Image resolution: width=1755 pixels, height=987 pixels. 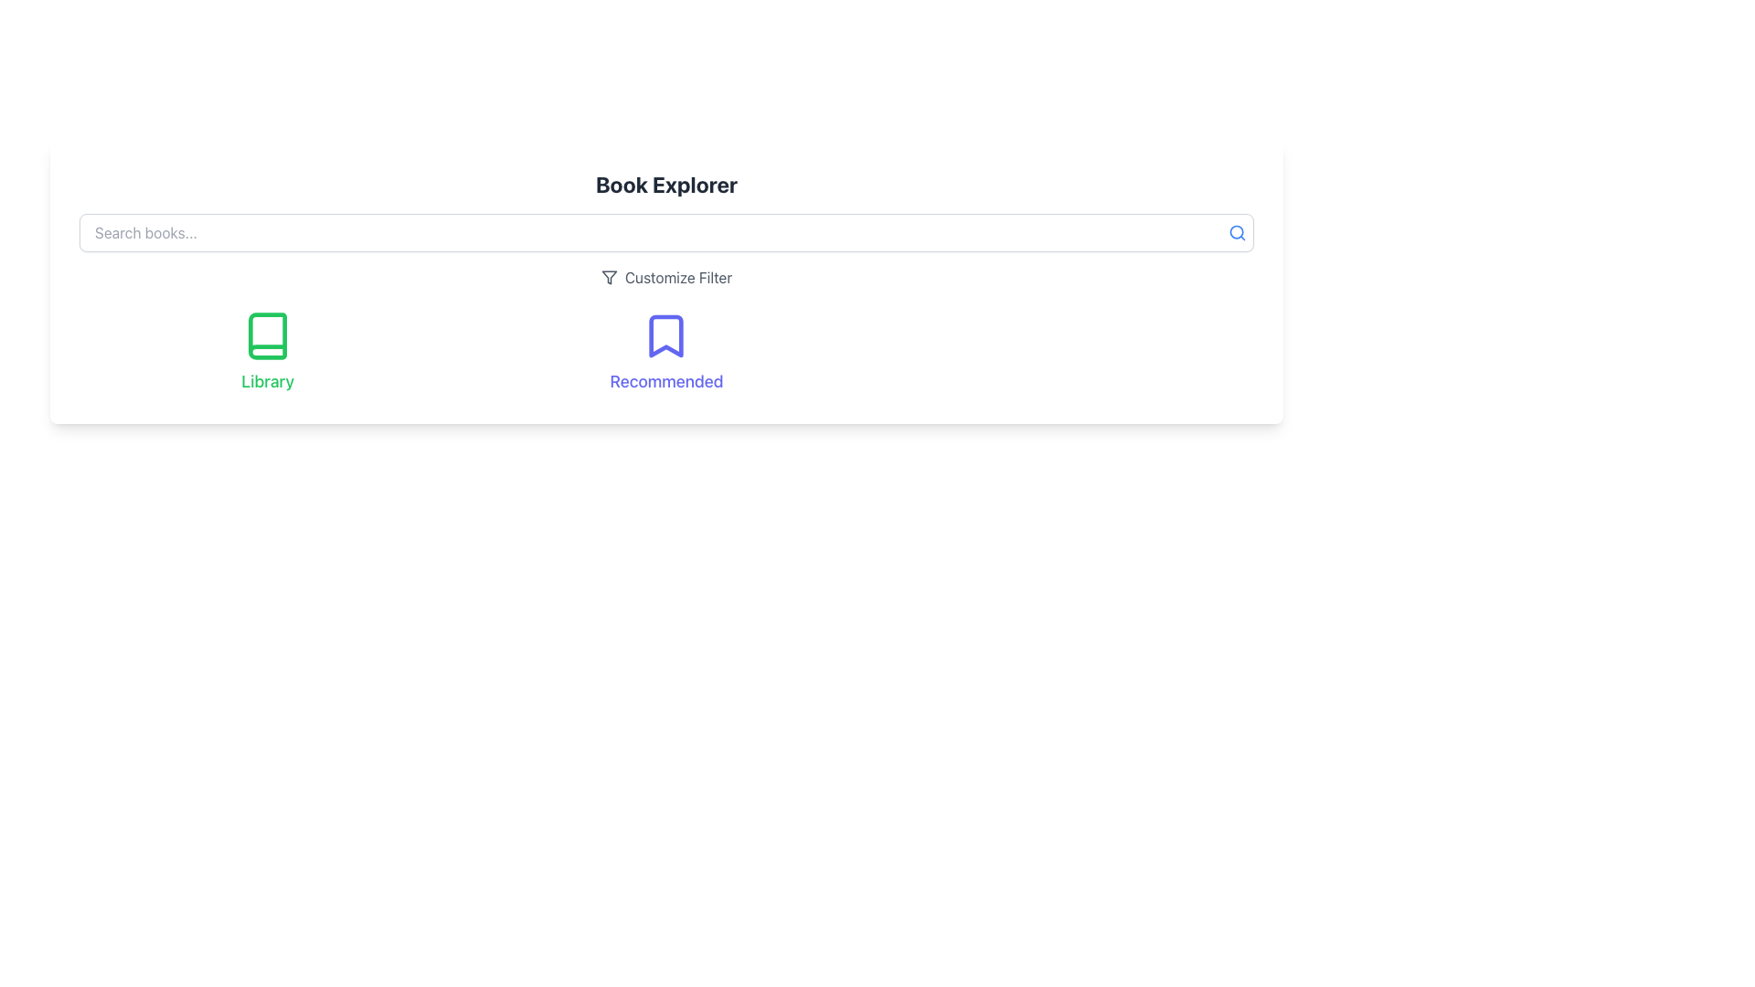 What do you see at coordinates (665, 352) in the screenshot?
I see `the interactive label with an indigo-colored bookmark icon and the text 'Recommended' to trigger the hover effect` at bounding box center [665, 352].